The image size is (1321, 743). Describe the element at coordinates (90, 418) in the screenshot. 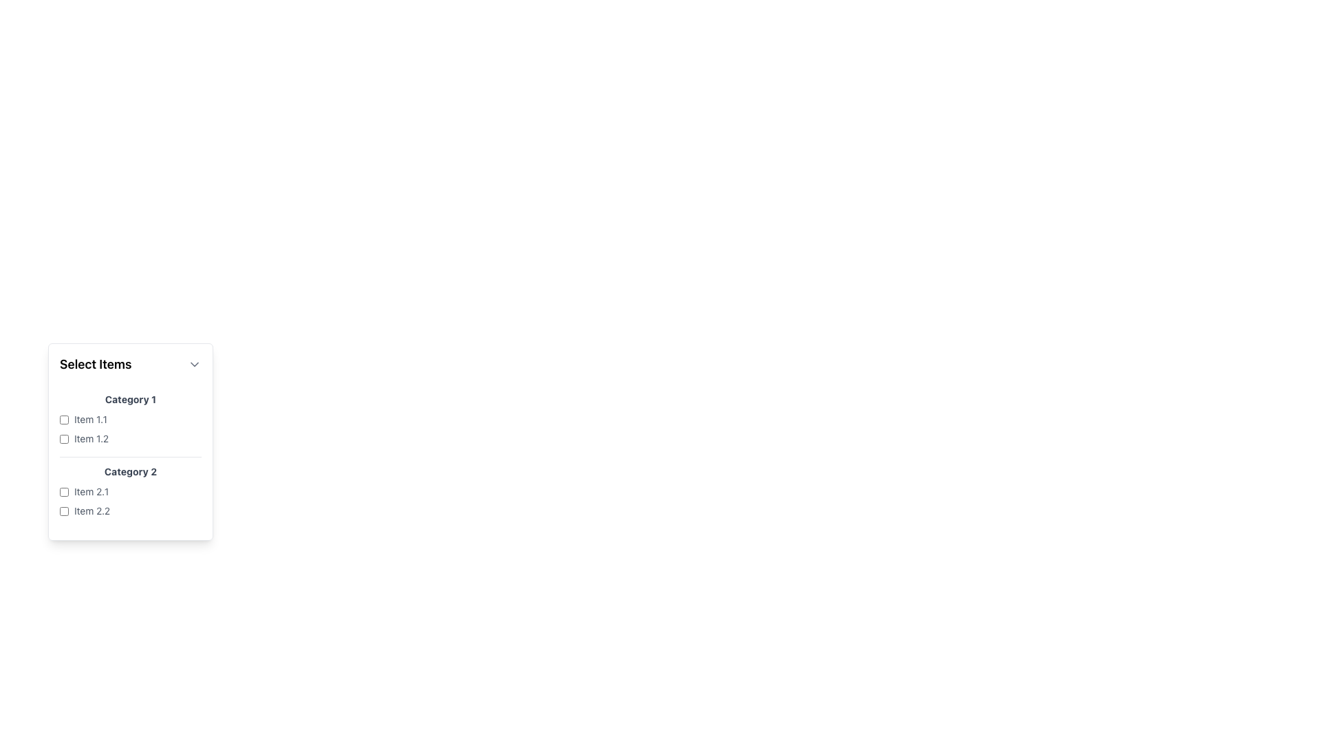

I see `the text label 'Item 1.1' which provides context for the adjacent checkbox in the 'Category 1' section` at that location.